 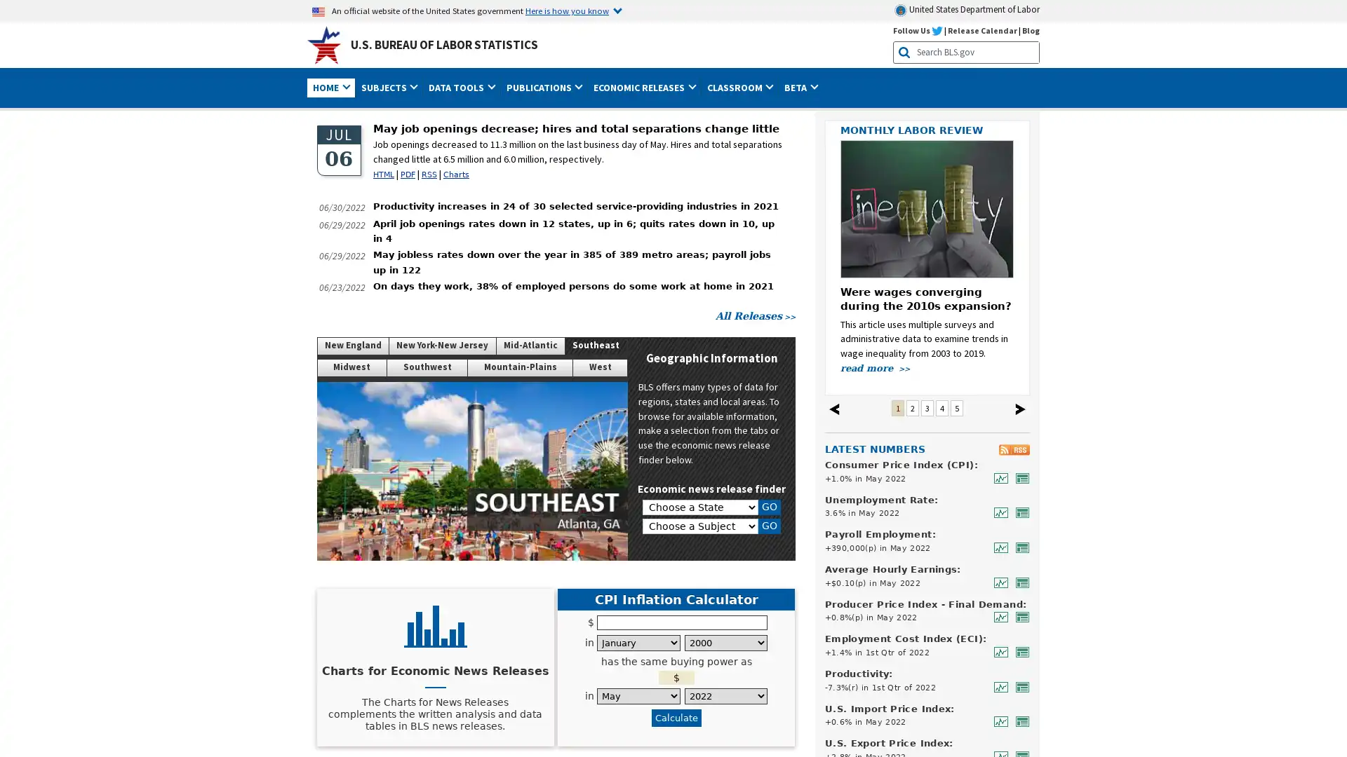 What do you see at coordinates (573, 11) in the screenshot?
I see `Here is how you know` at bounding box center [573, 11].